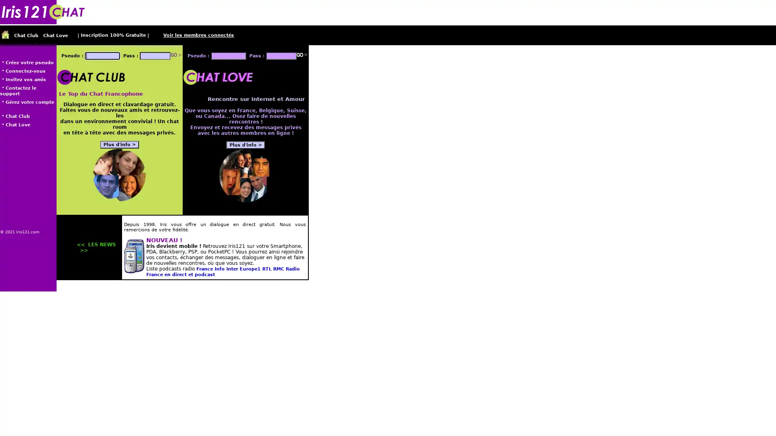 This screenshot has height=436, width=776. I want to click on Plus d'info >, so click(245, 144).